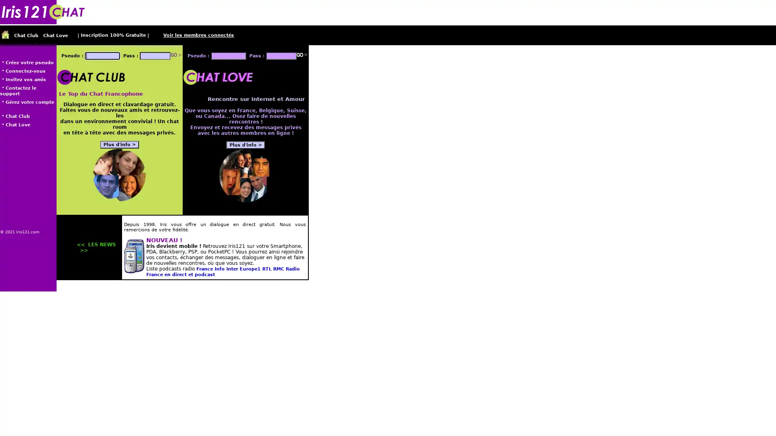 This screenshot has height=436, width=776. I want to click on Plus d'info >, so click(245, 144).